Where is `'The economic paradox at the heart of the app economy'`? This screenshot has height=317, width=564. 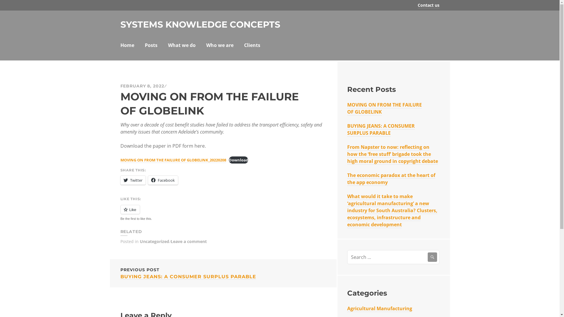 'The economic paradox at the heart of the app economy' is located at coordinates (391, 178).